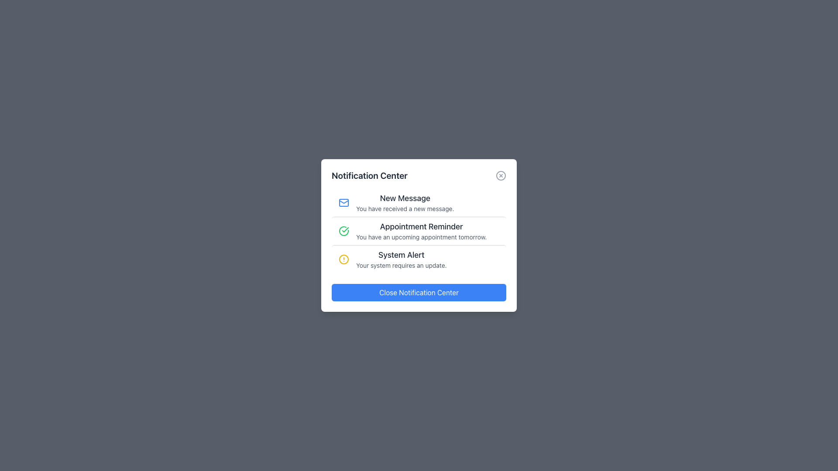 Image resolution: width=838 pixels, height=471 pixels. What do you see at coordinates (405, 208) in the screenshot?
I see `the descriptive text element for the notification titled 'New Message', which is positioned directly below the title within the 'Notification Center' panel` at bounding box center [405, 208].